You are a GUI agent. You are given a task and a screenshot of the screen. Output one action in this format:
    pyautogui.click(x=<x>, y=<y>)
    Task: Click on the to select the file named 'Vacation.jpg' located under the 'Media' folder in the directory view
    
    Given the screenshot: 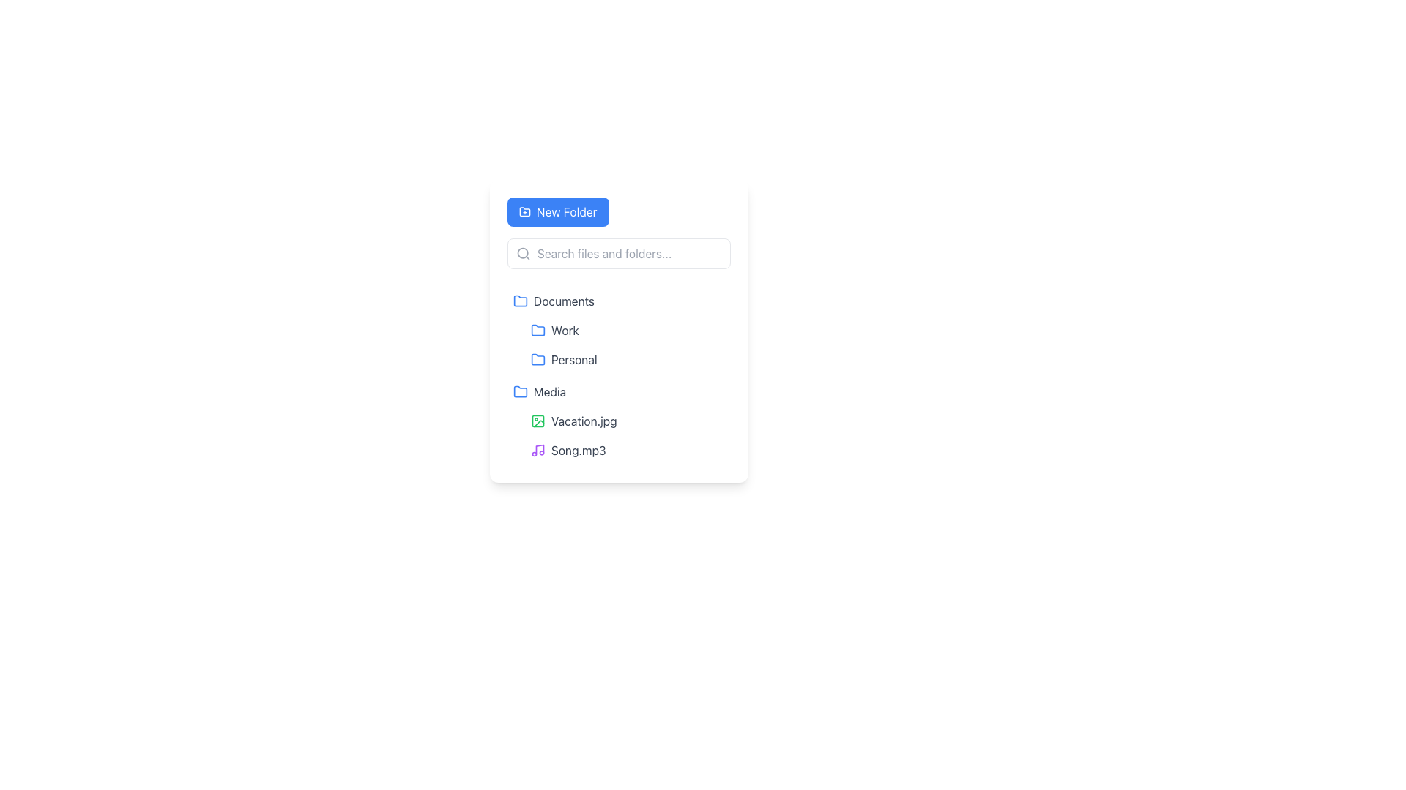 What is the action you would take?
    pyautogui.click(x=619, y=421)
    